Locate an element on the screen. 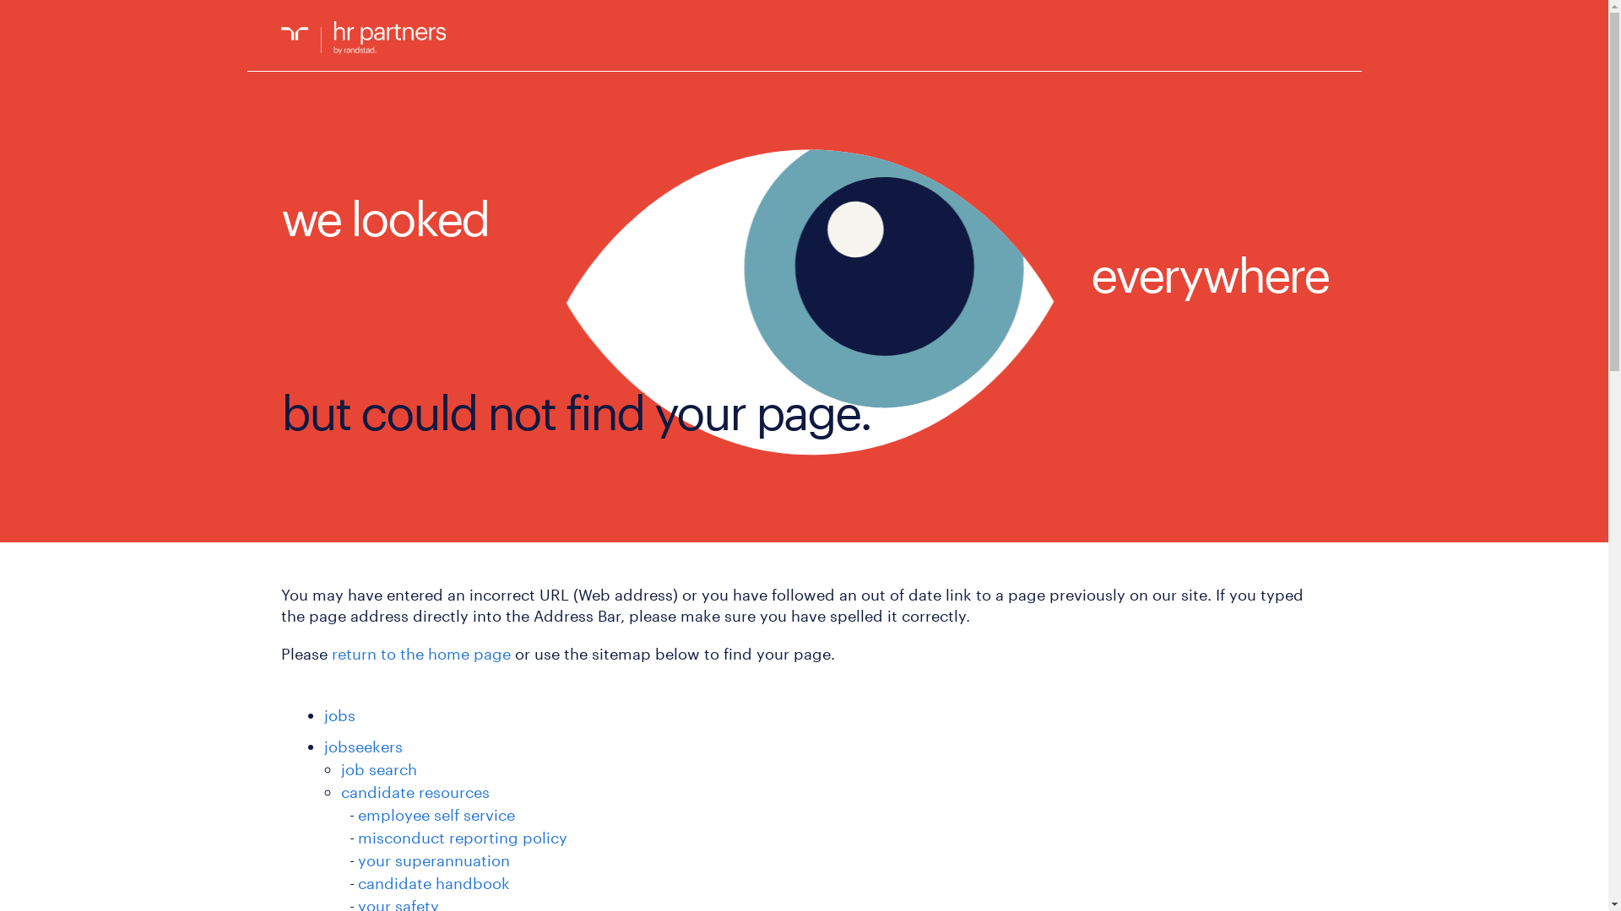 Image resolution: width=1621 pixels, height=911 pixels. 'return to the home page' is located at coordinates (420, 653).